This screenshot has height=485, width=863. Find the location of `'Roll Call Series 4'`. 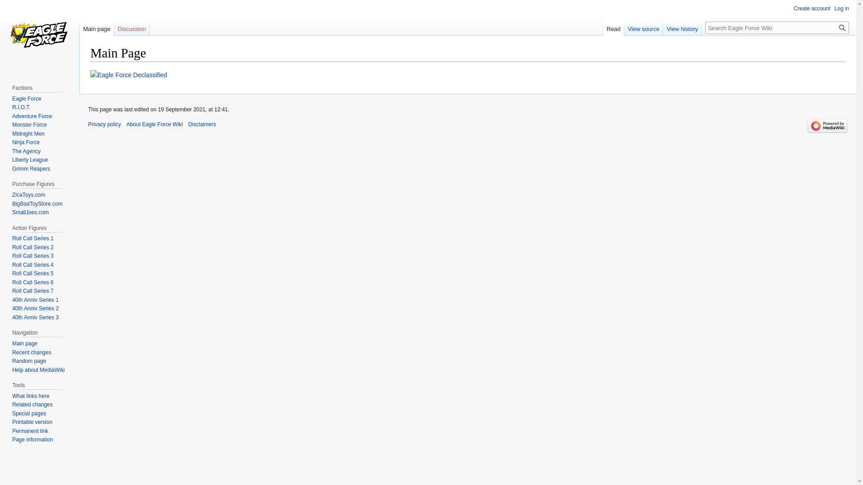

'Roll Call Series 4' is located at coordinates (32, 265).